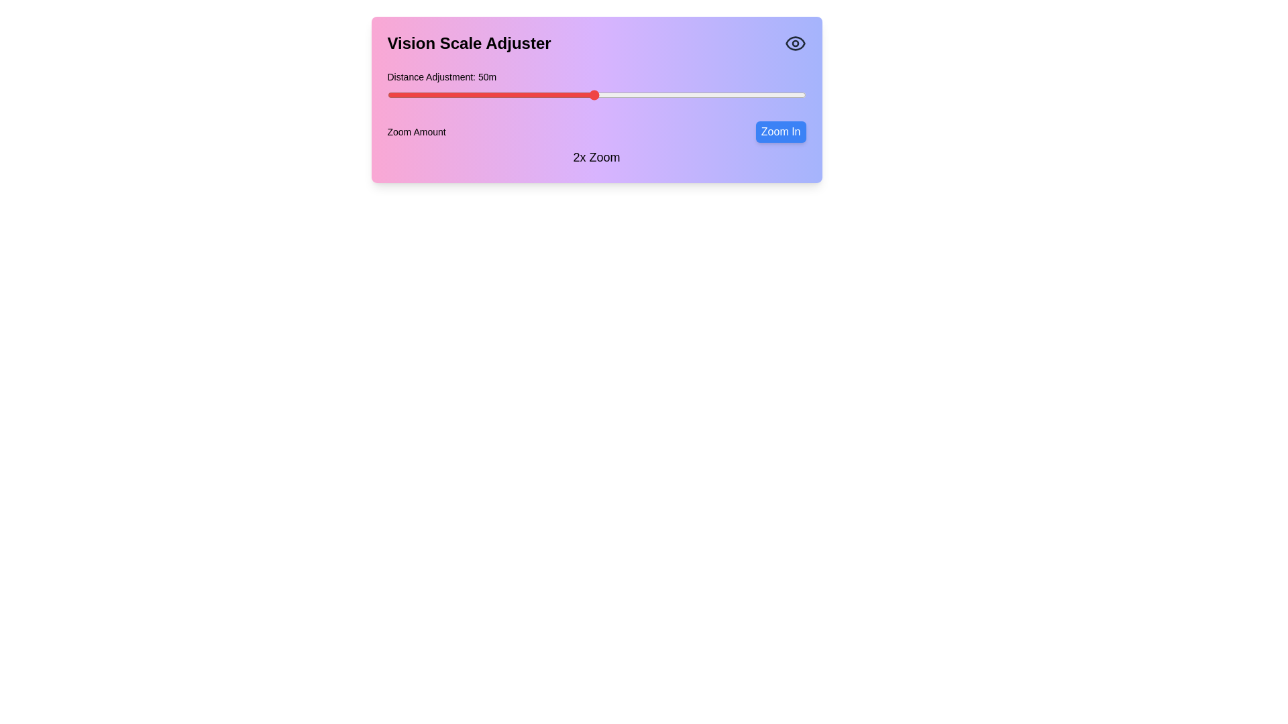 The image size is (1288, 724). What do you see at coordinates (451, 95) in the screenshot?
I see `the distance adjustment` at bounding box center [451, 95].